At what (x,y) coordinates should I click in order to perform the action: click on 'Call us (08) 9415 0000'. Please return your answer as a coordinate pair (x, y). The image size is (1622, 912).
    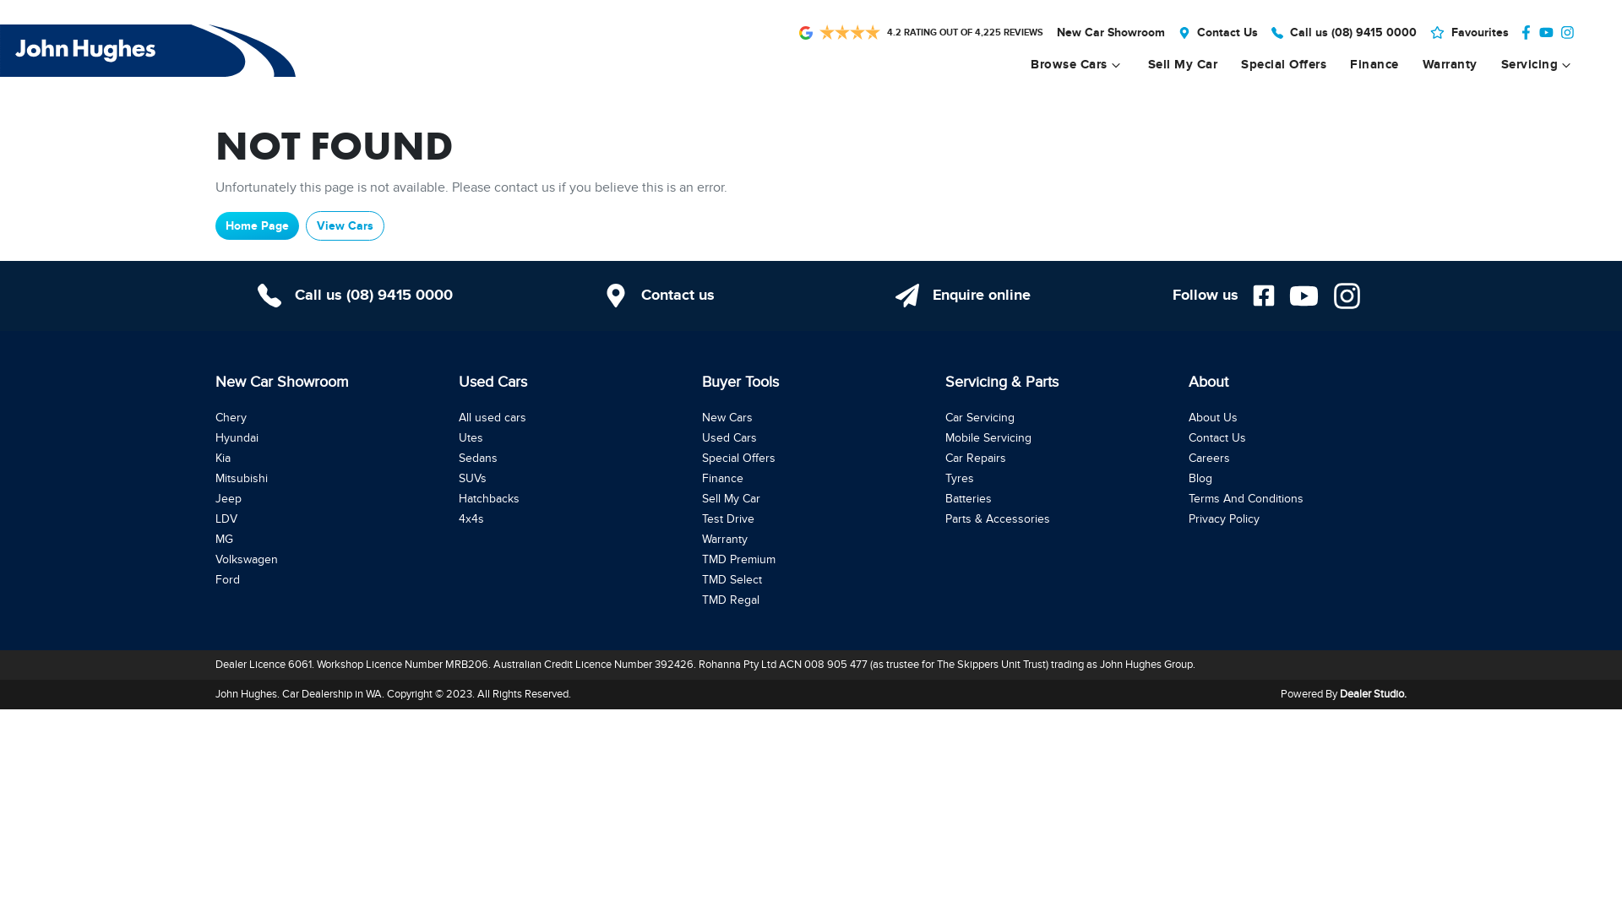
    Looking at the image, I should click on (1353, 32).